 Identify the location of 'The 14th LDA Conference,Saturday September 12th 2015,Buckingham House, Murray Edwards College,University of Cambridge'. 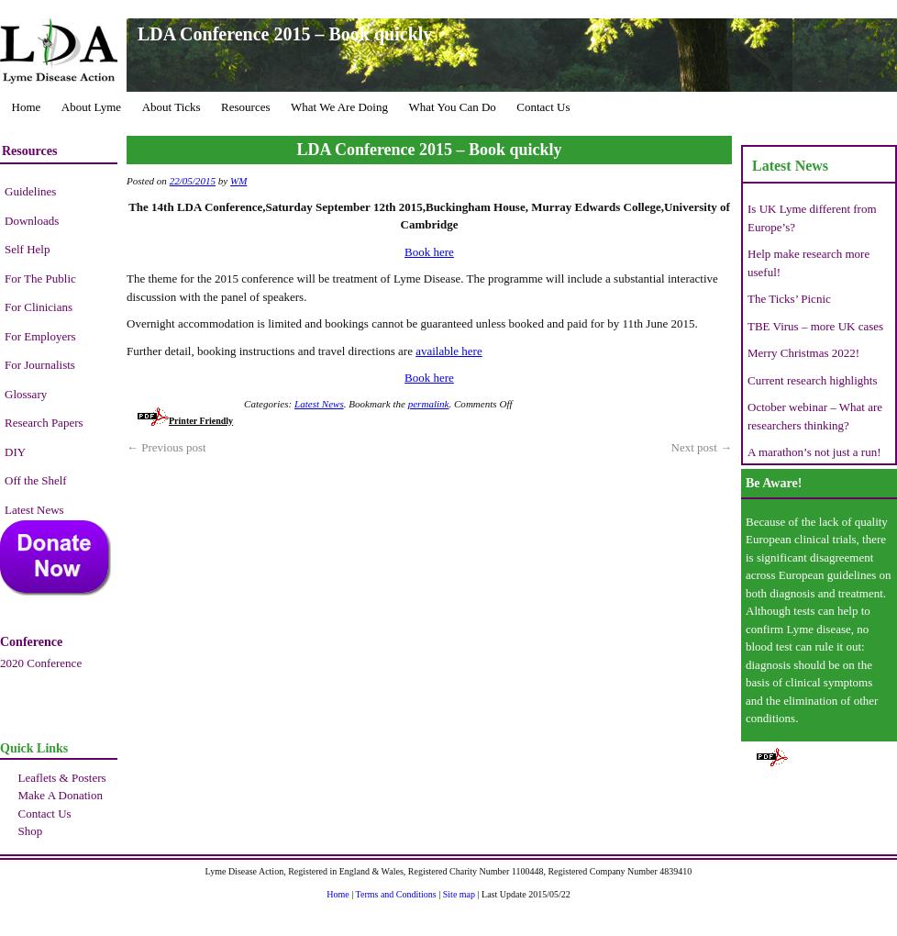
(427, 215).